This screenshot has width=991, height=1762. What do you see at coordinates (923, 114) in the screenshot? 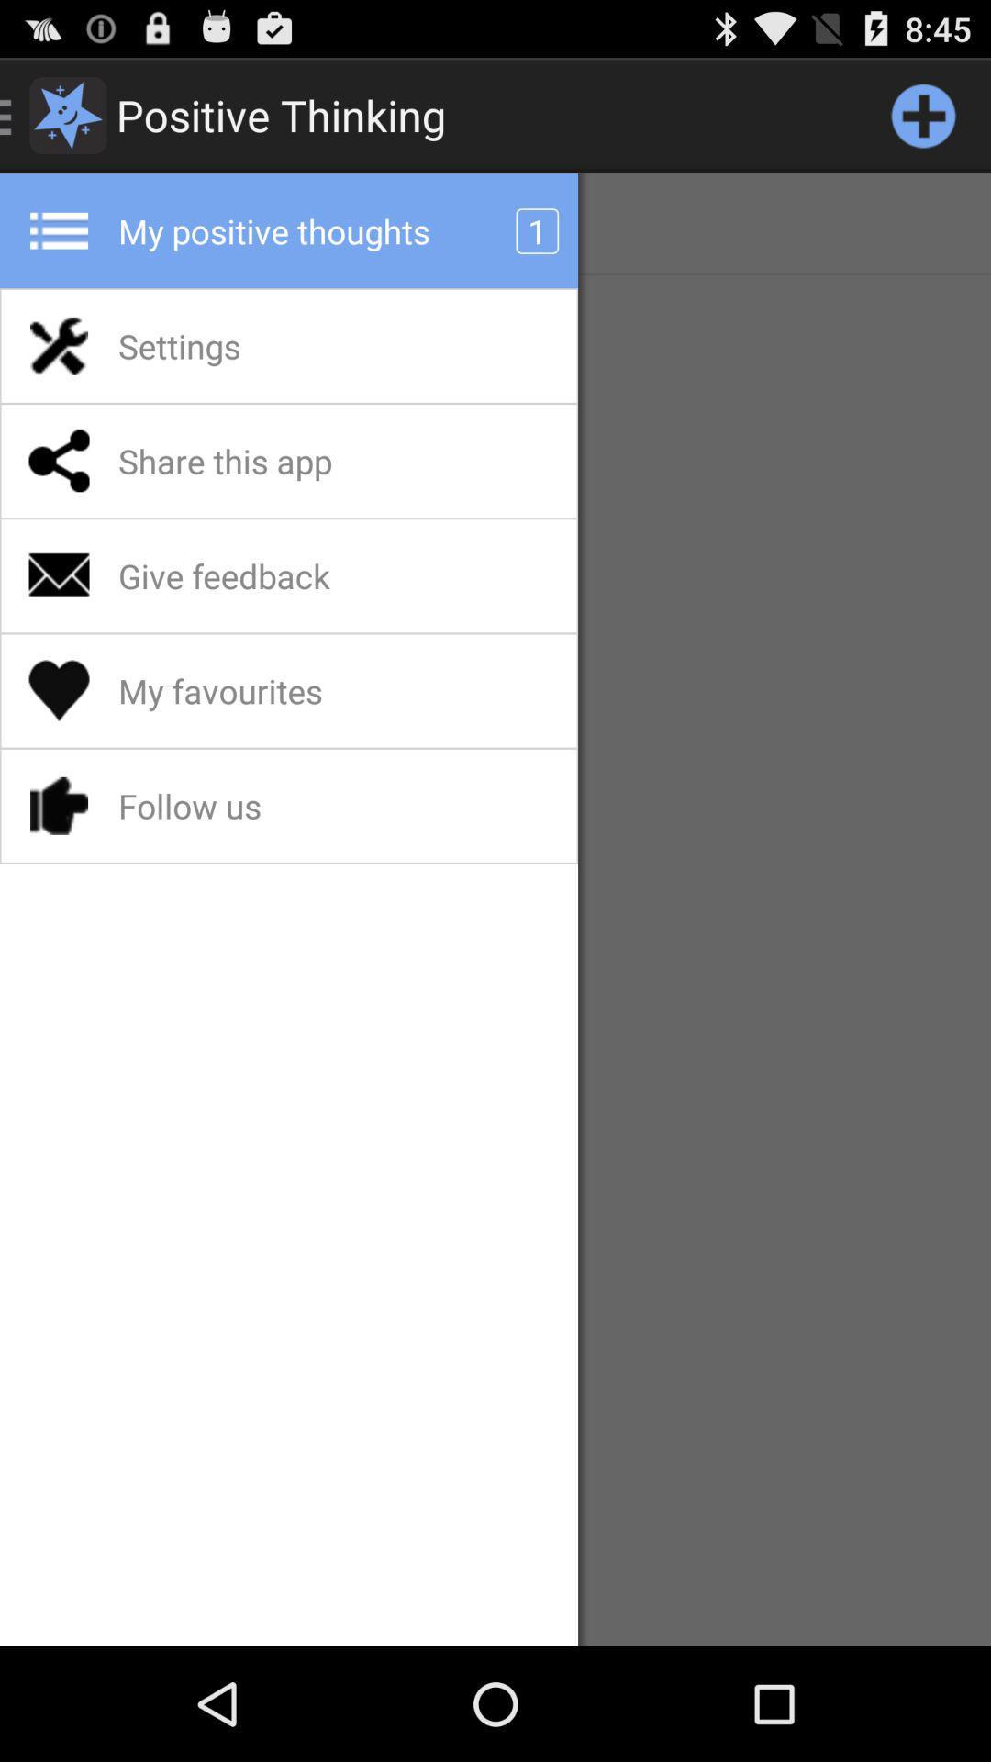
I see `a note/thought` at bounding box center [923, 114].